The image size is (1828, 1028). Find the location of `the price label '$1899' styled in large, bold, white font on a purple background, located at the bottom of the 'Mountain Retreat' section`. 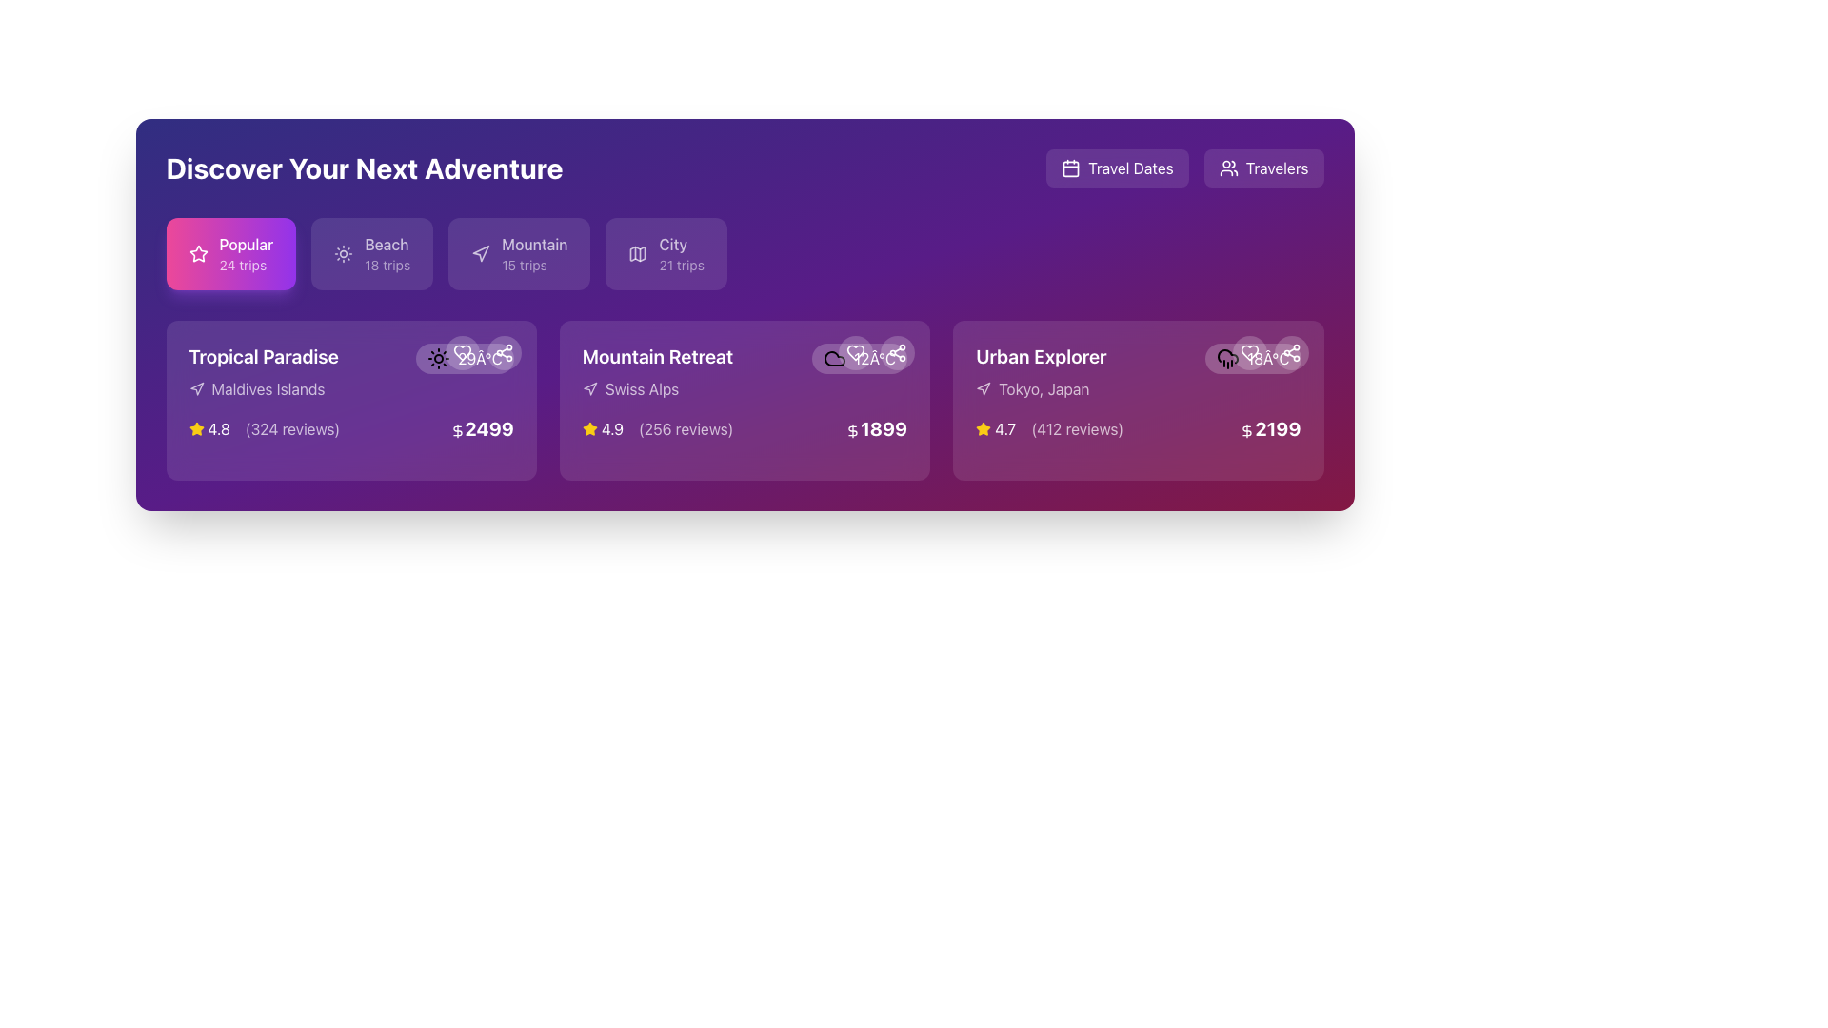

the price label '$1899' styled in large, bold, white font on a purple background, located at the bottom of the 'Mountain Retreat' section is located at coordinates (875, 429).